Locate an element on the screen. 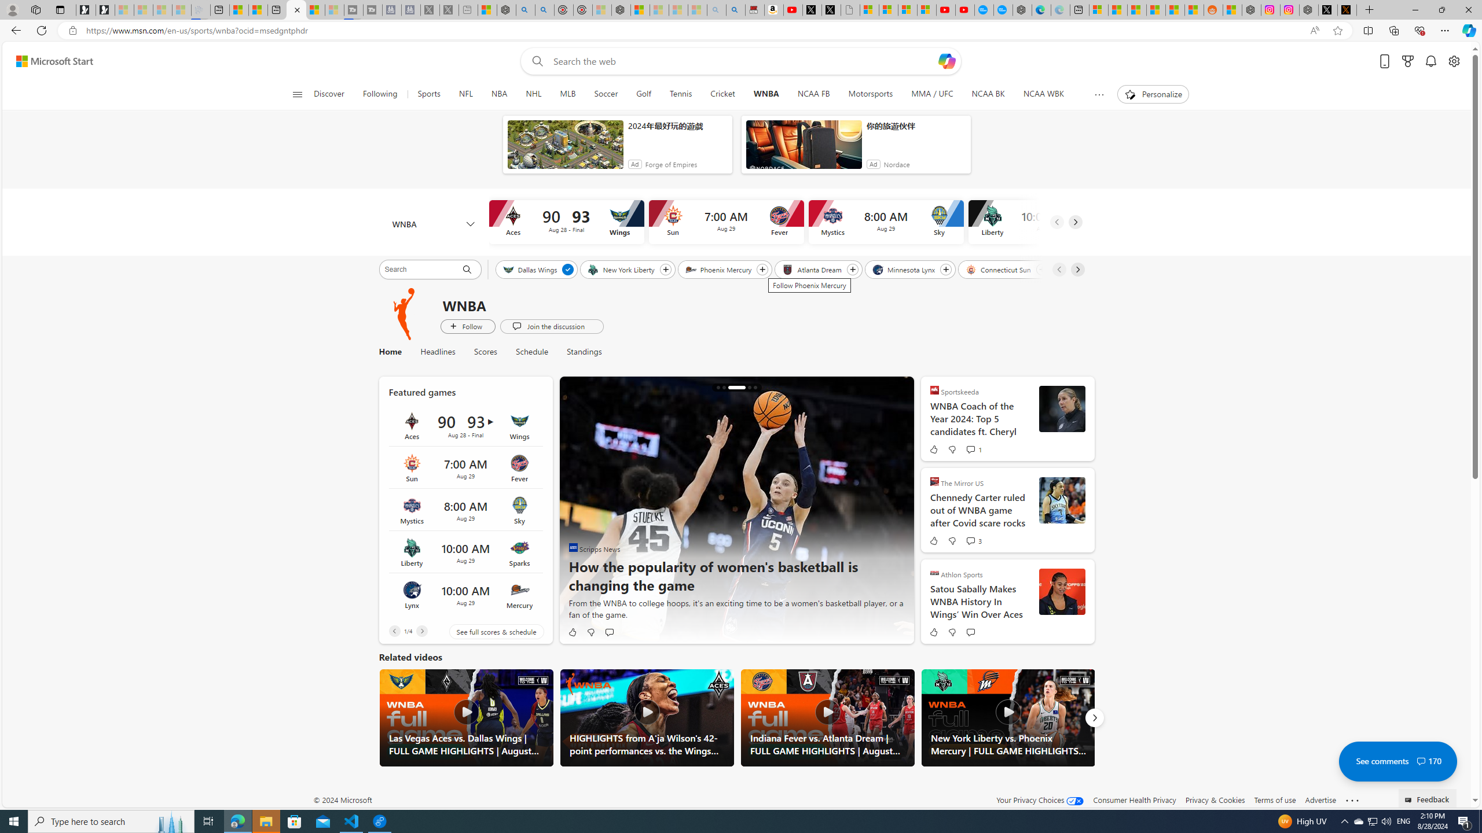  'WNBA' is located at coordinates (765, 94).